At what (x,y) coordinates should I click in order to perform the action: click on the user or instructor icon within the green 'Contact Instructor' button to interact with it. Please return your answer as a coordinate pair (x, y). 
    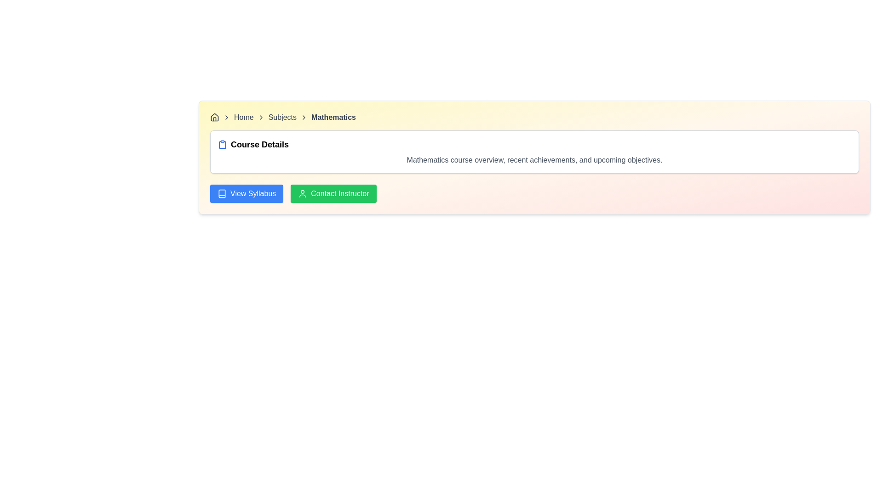
    Looking at the image, I should click on (303, 193).